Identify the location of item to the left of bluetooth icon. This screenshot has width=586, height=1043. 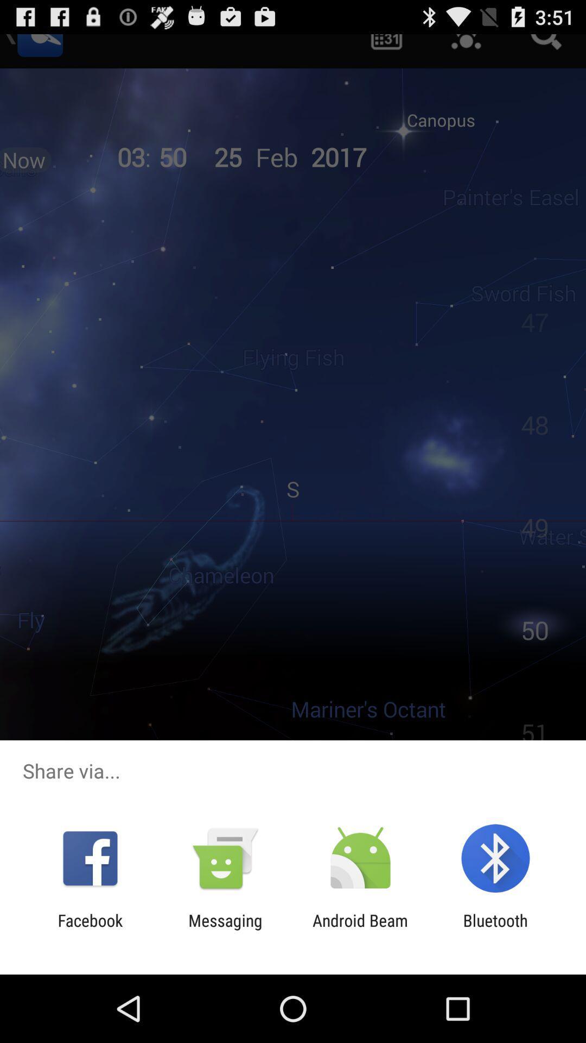
(360, 929).